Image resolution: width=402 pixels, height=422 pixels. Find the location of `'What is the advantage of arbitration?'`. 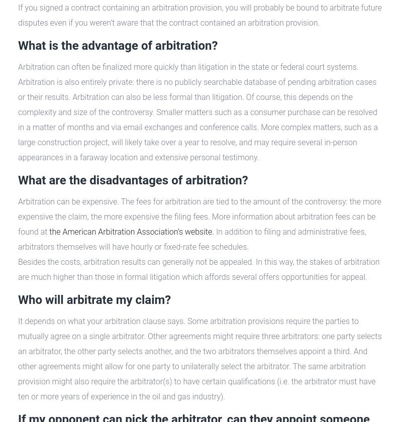

'What is the advantage of arbitration?' is located at coordinates (117, 45).